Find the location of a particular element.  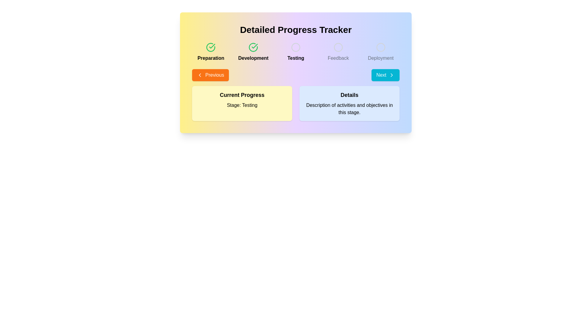

the progress tracker step indicator for 'Development', which is a green circle icon with a checkmark and bold text directly below it, located in the 'Detailed Progress Tracker' sequence is located at coordinates (253, 52).